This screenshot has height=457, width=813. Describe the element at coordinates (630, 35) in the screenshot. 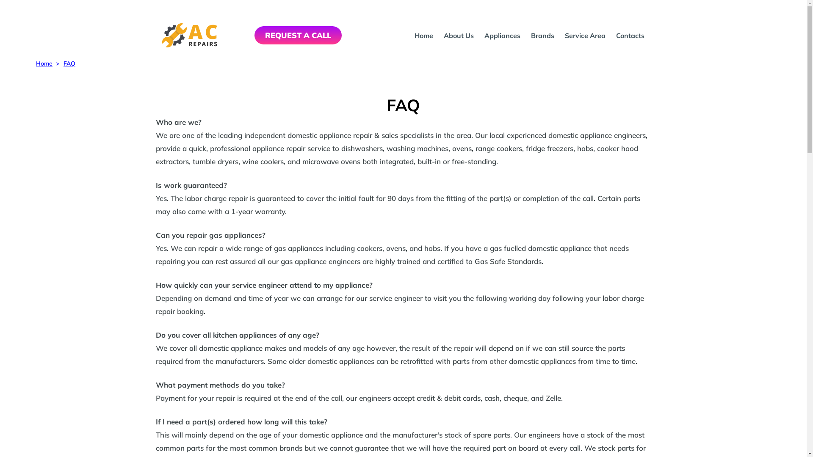

I see `'Contacts'` at that location.